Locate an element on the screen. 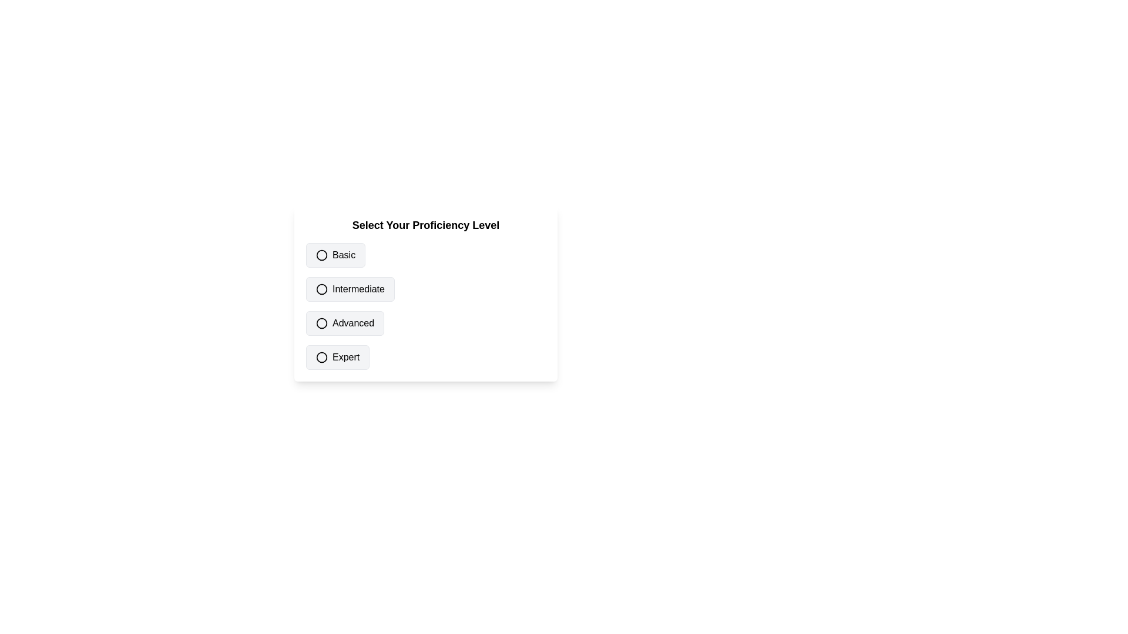 The width and height of the screenshot is (1128, 634). the Circular Icon for the 'Advanced' proficiency level to select it is located at coordinates (321, 323).